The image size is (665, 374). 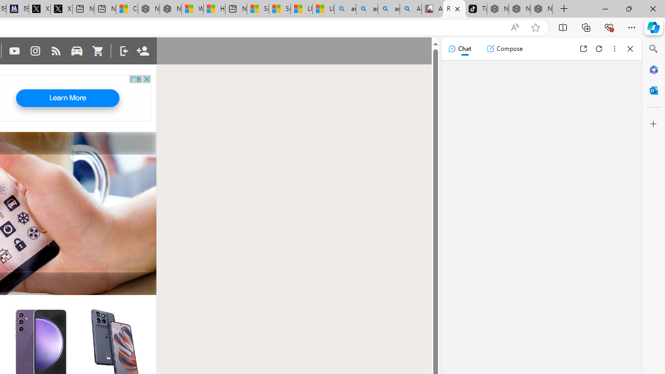 I want to click on 'Compose', so click(x=504, y=48).